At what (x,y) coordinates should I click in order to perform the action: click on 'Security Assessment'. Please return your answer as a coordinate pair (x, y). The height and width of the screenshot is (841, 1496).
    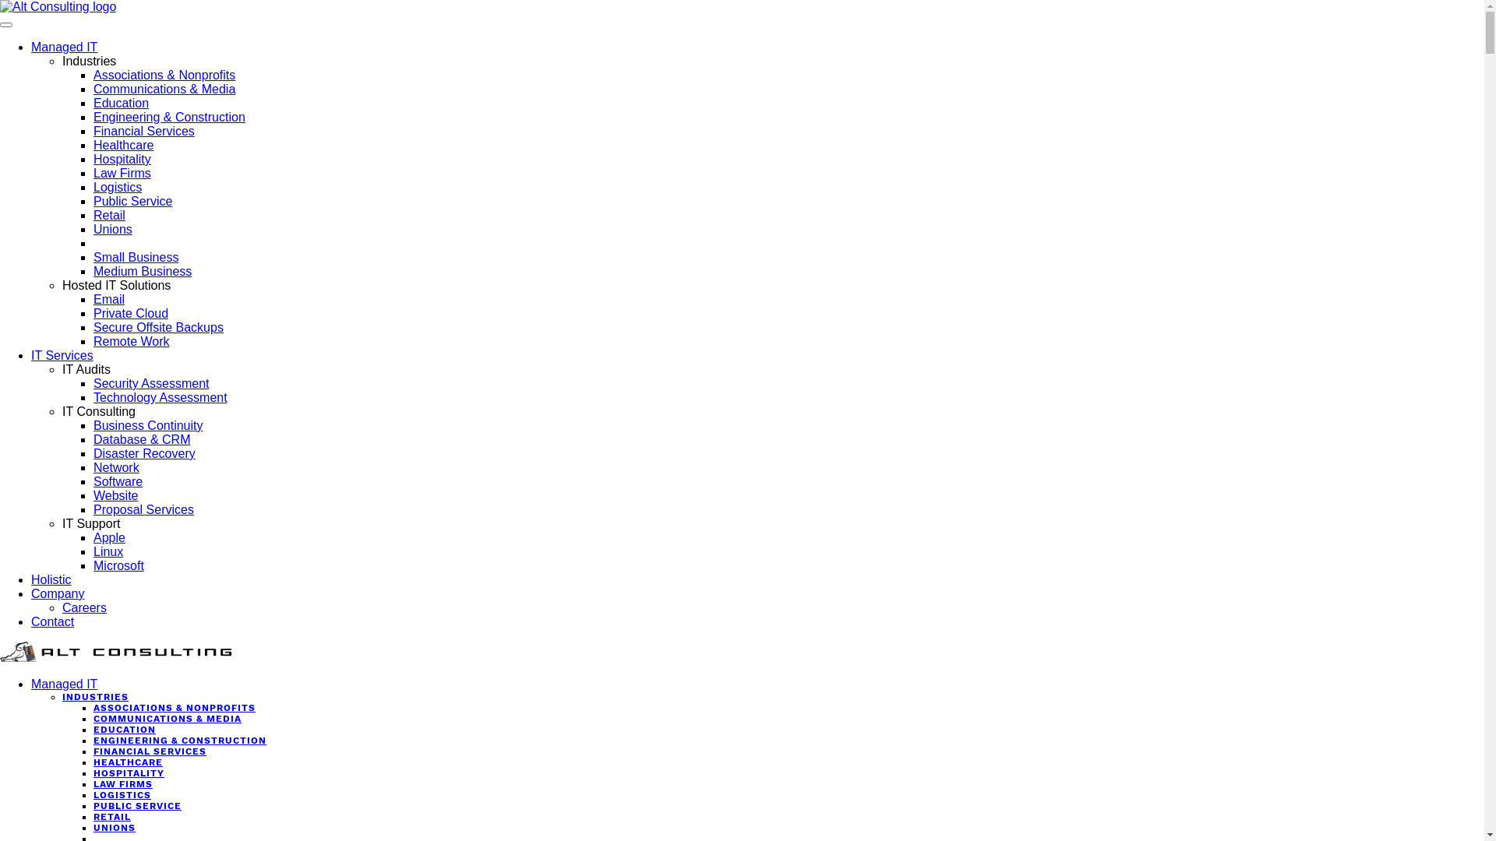
    Looking at the image, I should click on (151, 383).